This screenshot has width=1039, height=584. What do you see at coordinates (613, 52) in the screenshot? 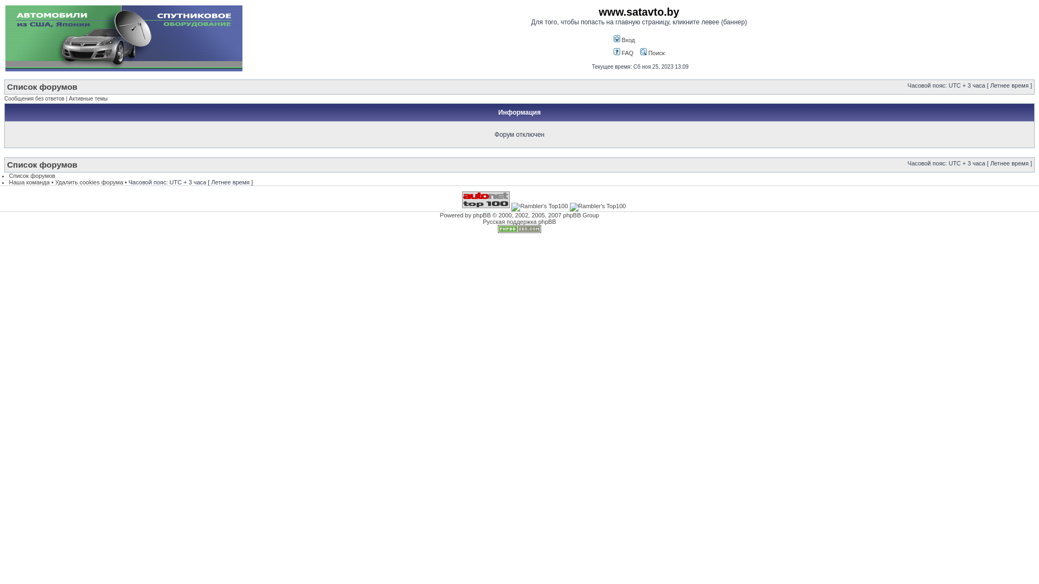
I see `'FAQ'` at bounding box center [613, 52].